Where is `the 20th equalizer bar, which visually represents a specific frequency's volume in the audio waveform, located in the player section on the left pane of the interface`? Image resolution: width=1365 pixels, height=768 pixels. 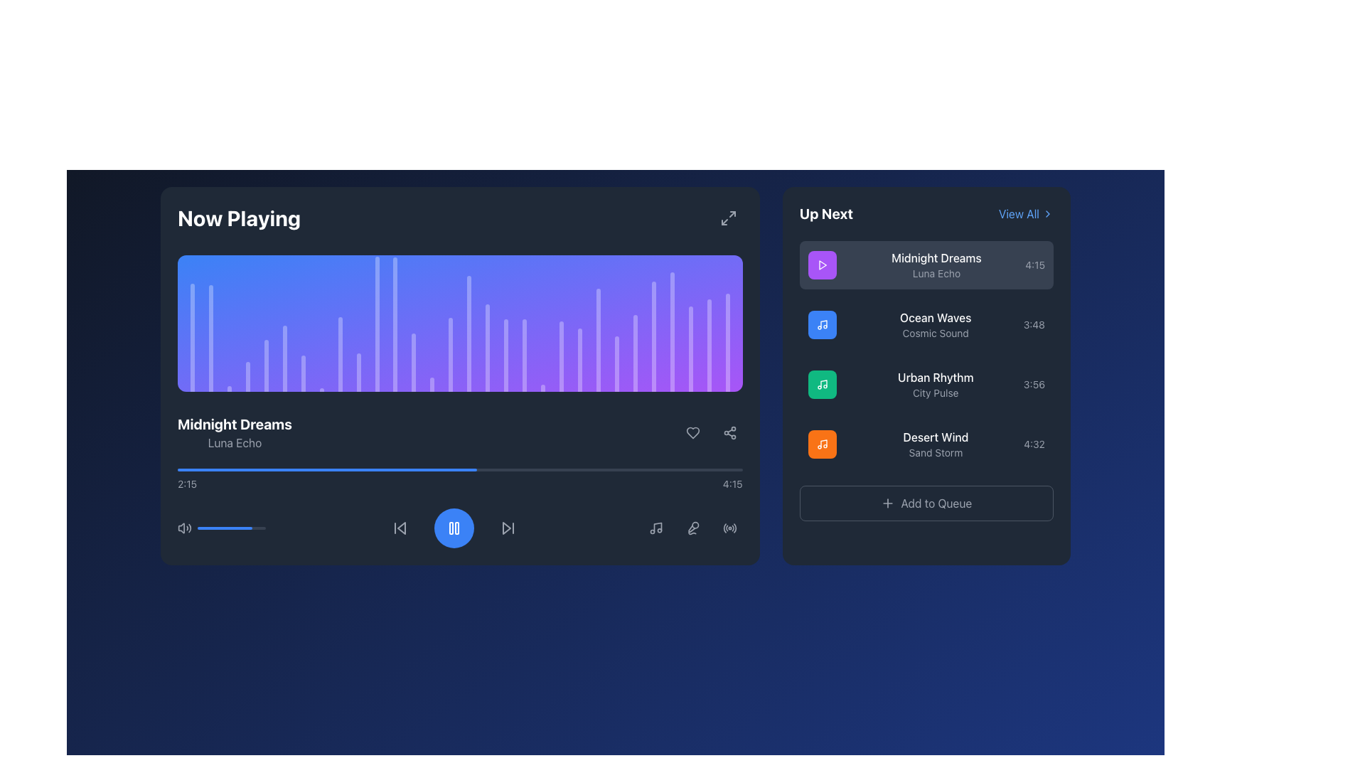
the 20th equalizer bar, which visually represents a specific frequency's volume in the audio waveform, located in the player section on the left pane of the interface is located at coordinates (561, 356).